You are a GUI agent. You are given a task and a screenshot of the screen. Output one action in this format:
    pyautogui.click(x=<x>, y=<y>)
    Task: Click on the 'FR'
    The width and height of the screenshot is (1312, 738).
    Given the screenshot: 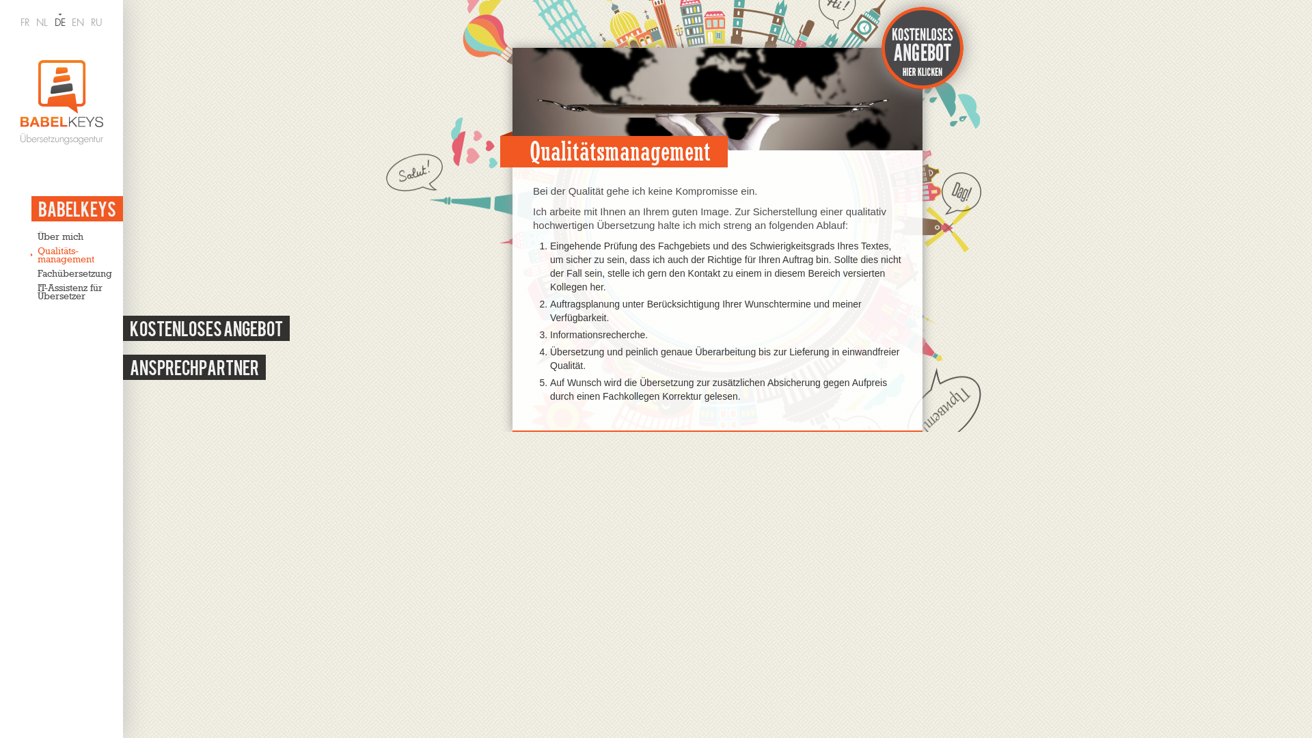 What is the action you would take?
    pyautogui.click(x=25, y=23)
    